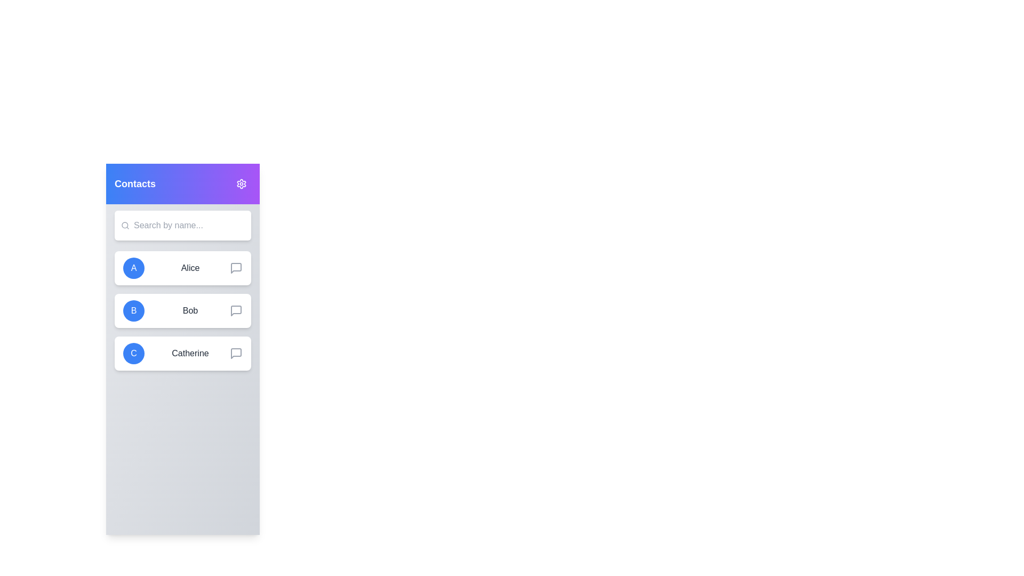 This screenshot has width=1024, height=576. What do you see at coordinates (235, 267) in the screenshot?
I see `the message icon next to the contact named Alice` at bounding box center [235, 267].